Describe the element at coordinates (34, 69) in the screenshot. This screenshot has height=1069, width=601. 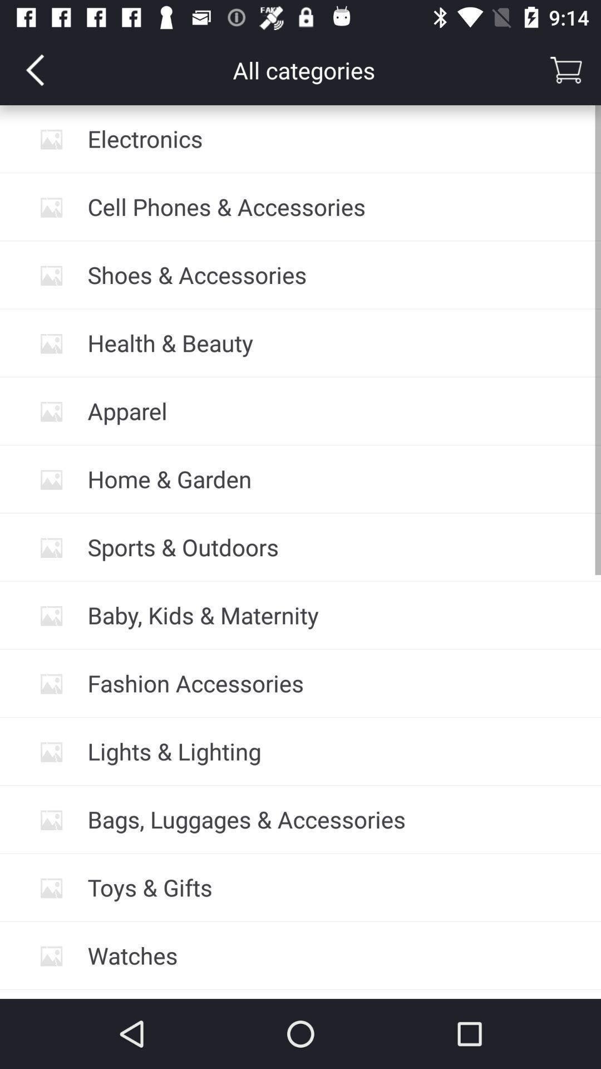
I see `go back` at that location.